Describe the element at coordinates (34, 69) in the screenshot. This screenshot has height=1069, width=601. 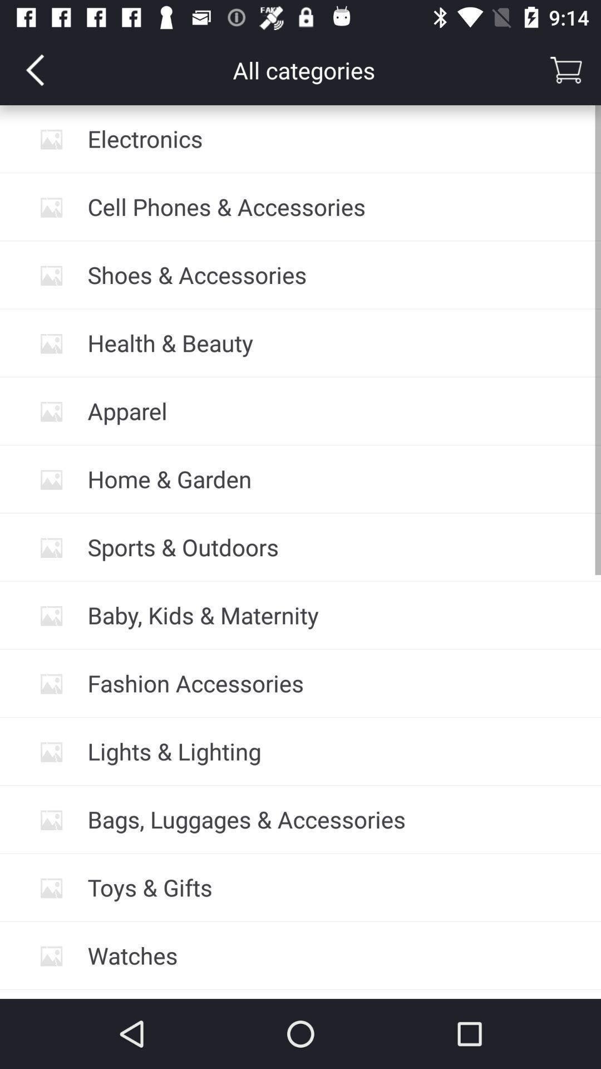
I see `go back` at that location.